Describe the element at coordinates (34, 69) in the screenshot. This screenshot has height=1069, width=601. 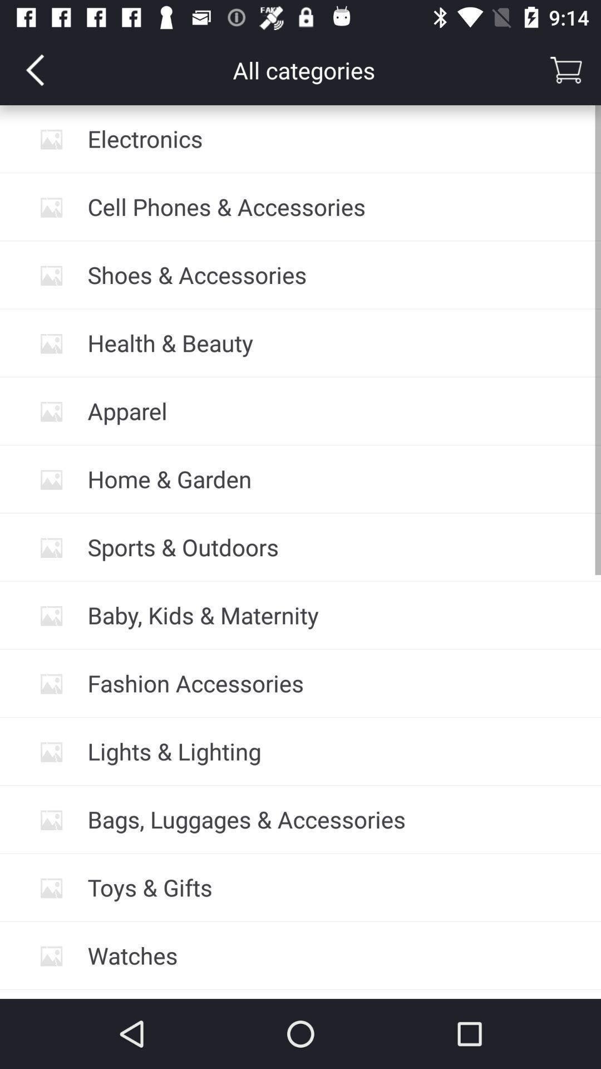
I see `go back` at that location.